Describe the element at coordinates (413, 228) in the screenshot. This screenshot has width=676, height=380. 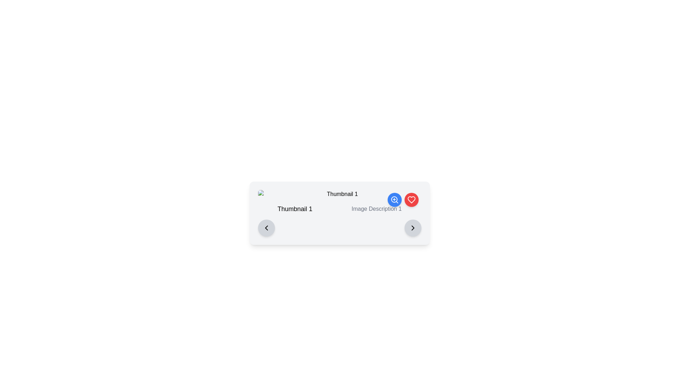
I see `the circular button with a light gray background and a black right-facing chevron icon, which is the second button positioned at the far-right of the horizontal layout` at that location.